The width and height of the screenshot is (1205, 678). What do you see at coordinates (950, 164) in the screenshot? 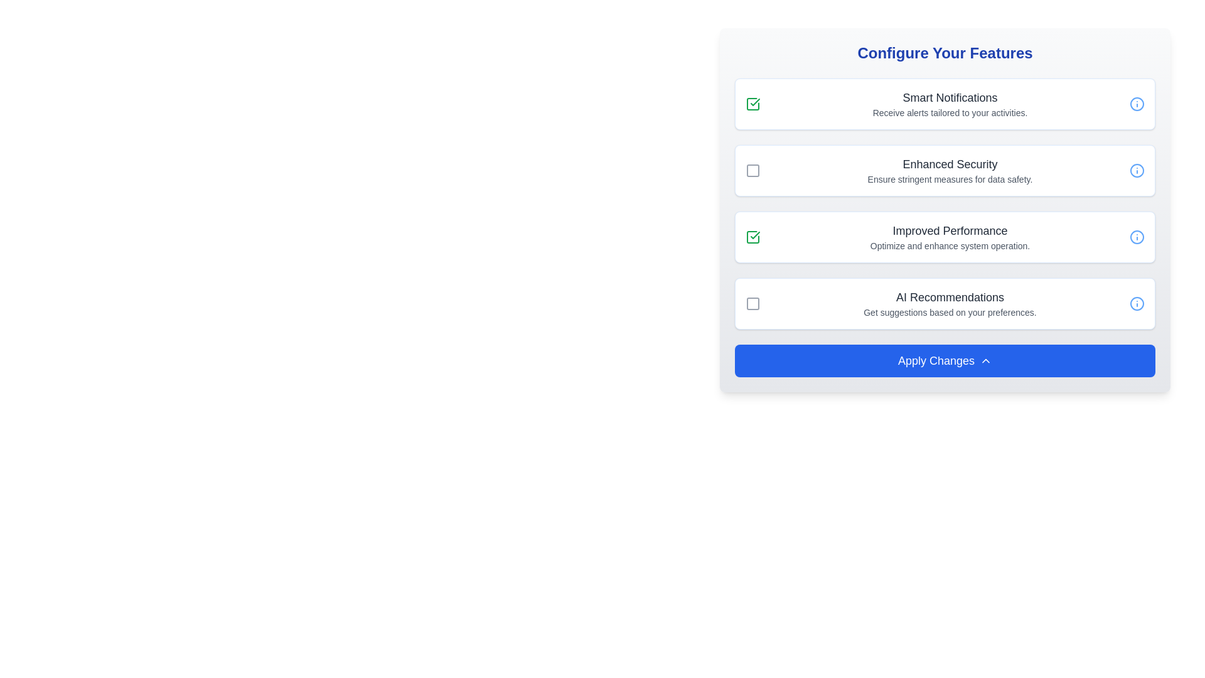
I see `the text label displaying 'Enhanced Security' in bold, larger font located at the top-center of the second section of the feature card` at bounding box center [950, 164].